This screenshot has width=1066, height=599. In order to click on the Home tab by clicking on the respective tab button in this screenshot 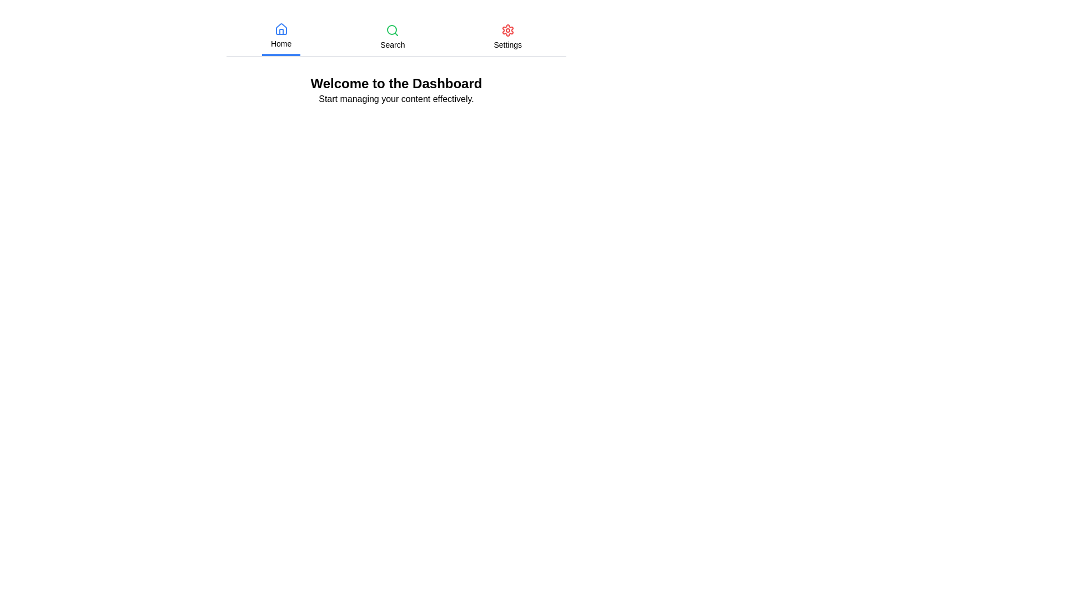, I will do `click(281, 36)`.